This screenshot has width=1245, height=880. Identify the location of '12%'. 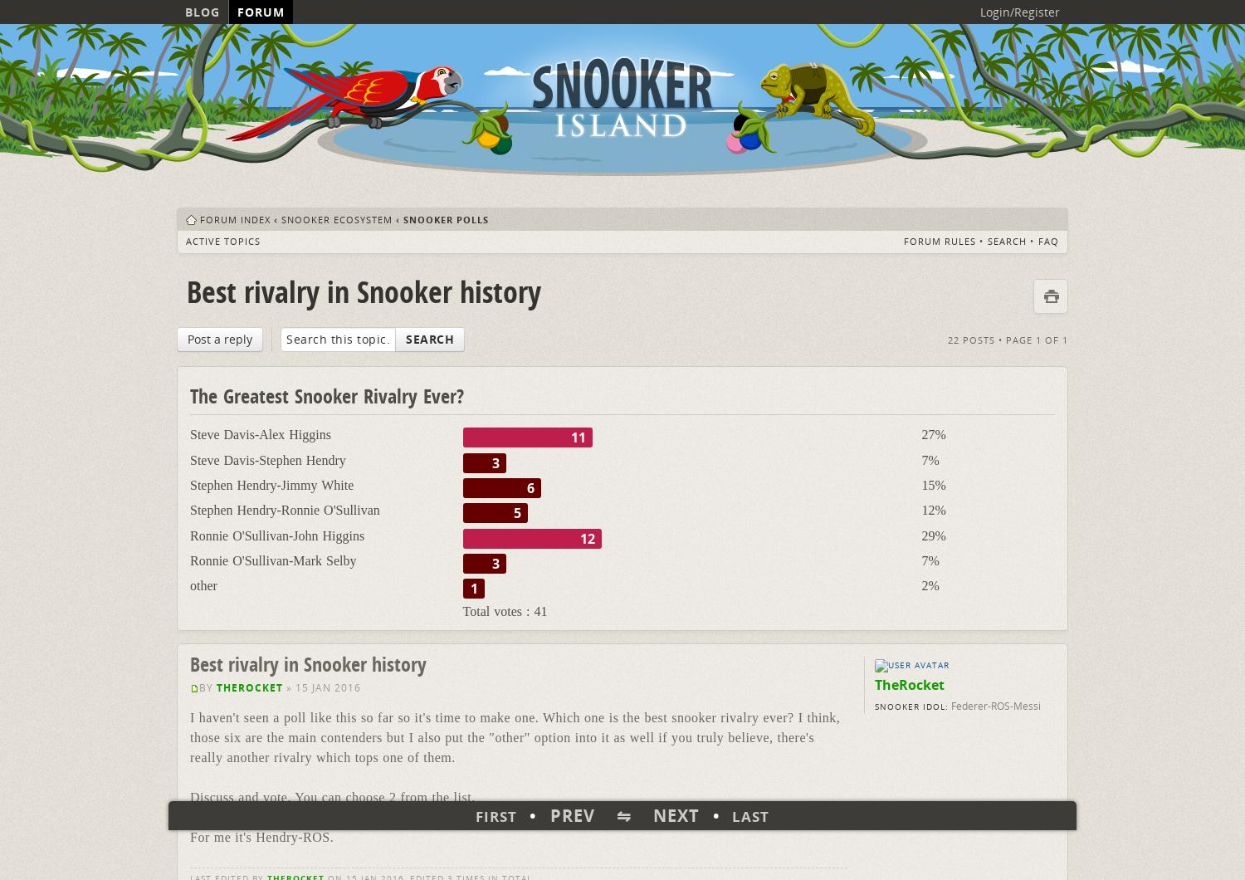
(932, 510).